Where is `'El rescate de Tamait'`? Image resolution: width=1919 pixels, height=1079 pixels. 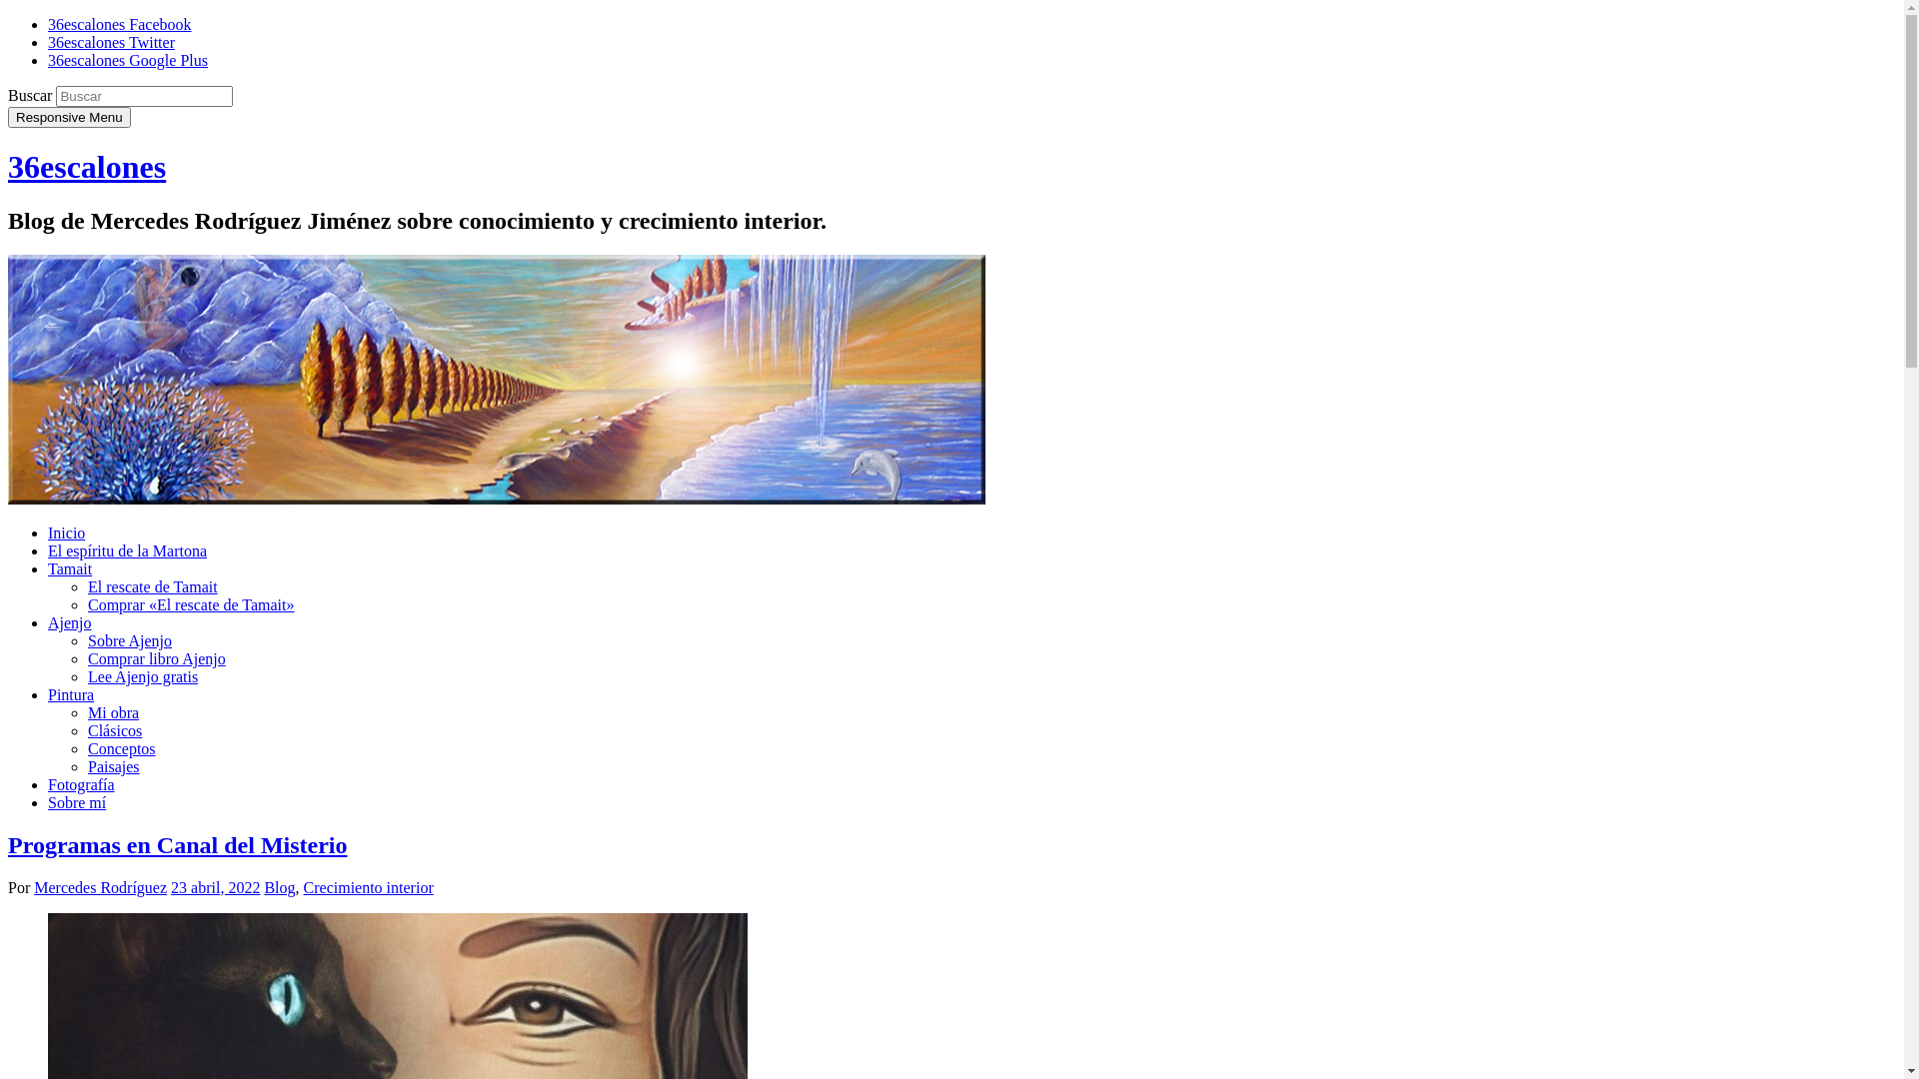
'El rescate de Tamait' is located at coordinates (152, 585).